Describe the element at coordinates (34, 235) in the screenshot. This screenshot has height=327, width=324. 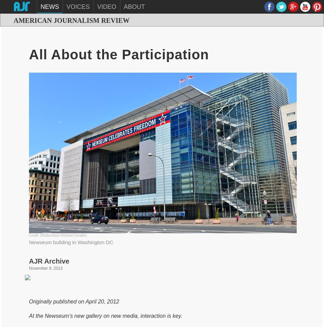
I see `'Credit:'` at that location.